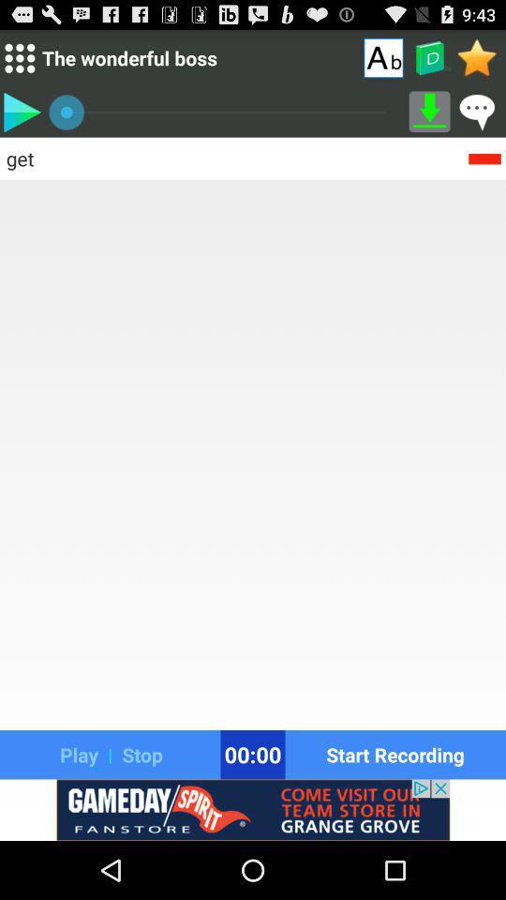 The width and height of the screenshot is (506, 900). I want to click on shows letters option, so click(382, 57).